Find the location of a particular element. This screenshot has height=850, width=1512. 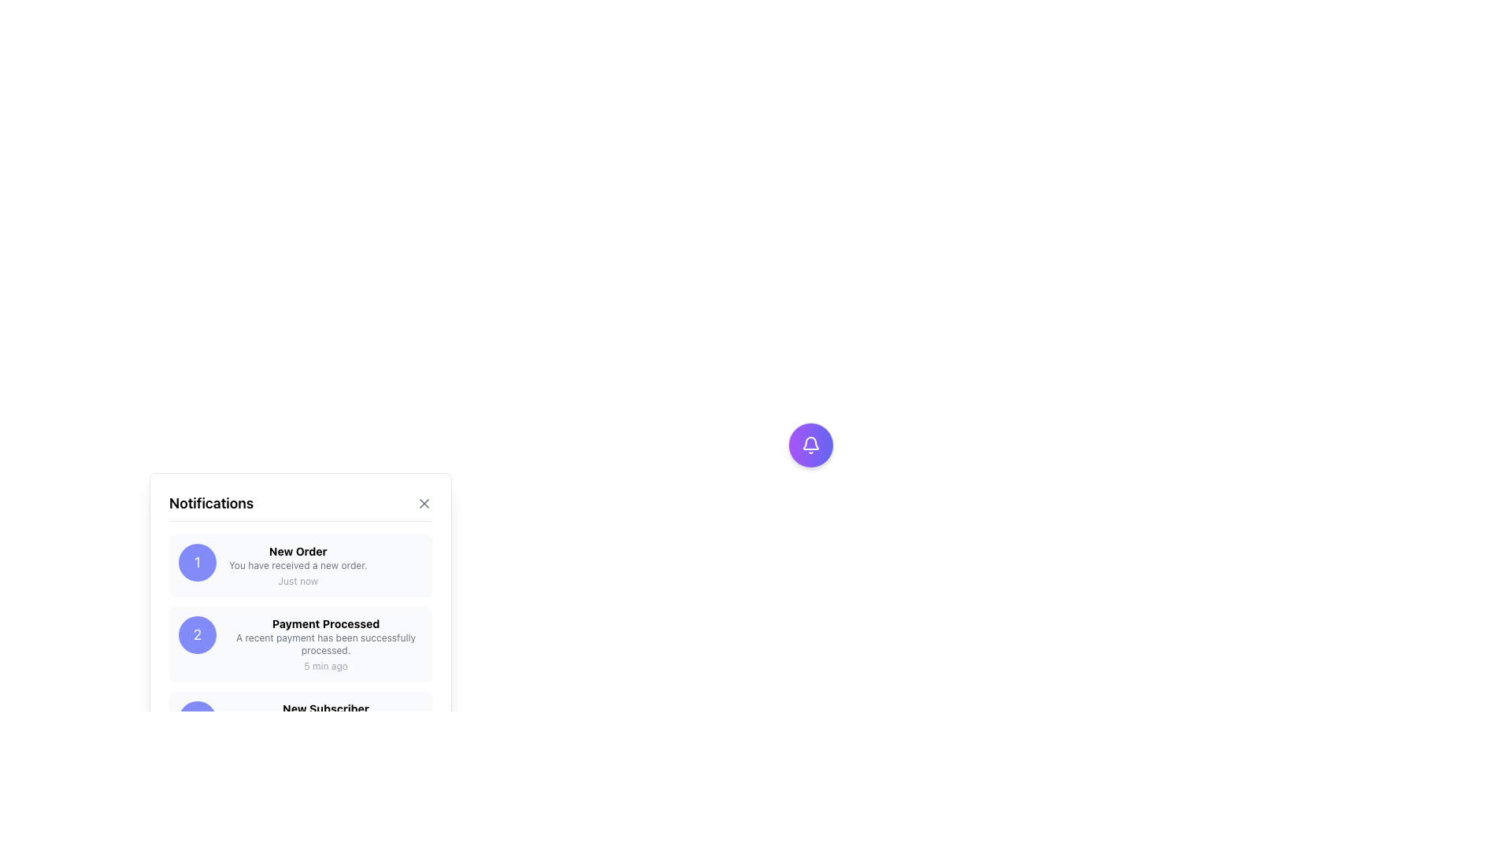

the text label displaying 'You have received a new order.' which is positioned between the title 'New Order' and the timestamp 'Just now' is located at coordinates (298, 564).